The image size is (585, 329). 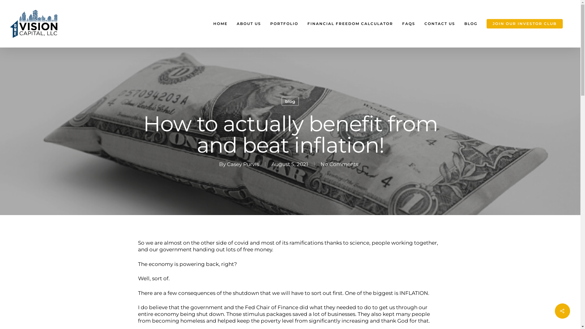 What do you see at coordinates (320, 163) in the screenshot?
I see `'No Comments'` at bounding box center [320, 163].